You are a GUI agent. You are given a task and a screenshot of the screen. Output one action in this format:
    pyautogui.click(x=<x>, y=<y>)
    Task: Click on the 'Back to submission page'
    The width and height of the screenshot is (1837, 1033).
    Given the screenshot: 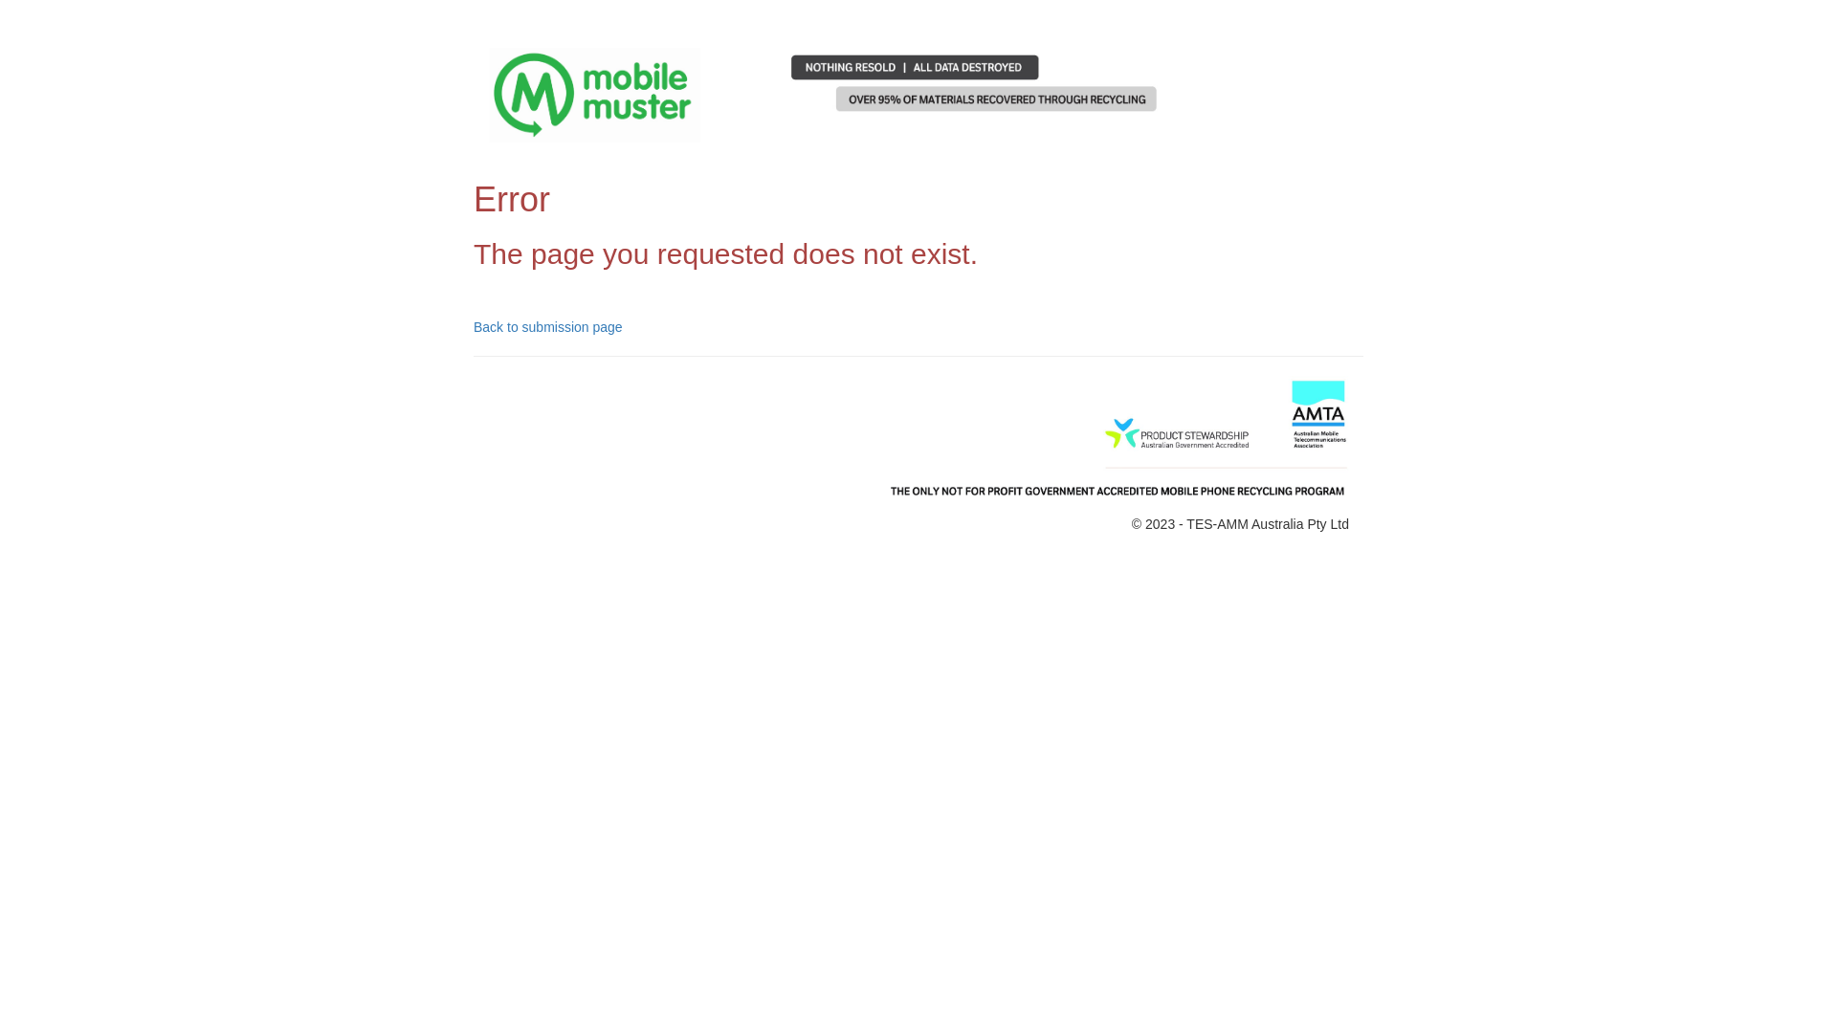 What is the action you would take?
    pyautogui.click(x=546, y=326)
    